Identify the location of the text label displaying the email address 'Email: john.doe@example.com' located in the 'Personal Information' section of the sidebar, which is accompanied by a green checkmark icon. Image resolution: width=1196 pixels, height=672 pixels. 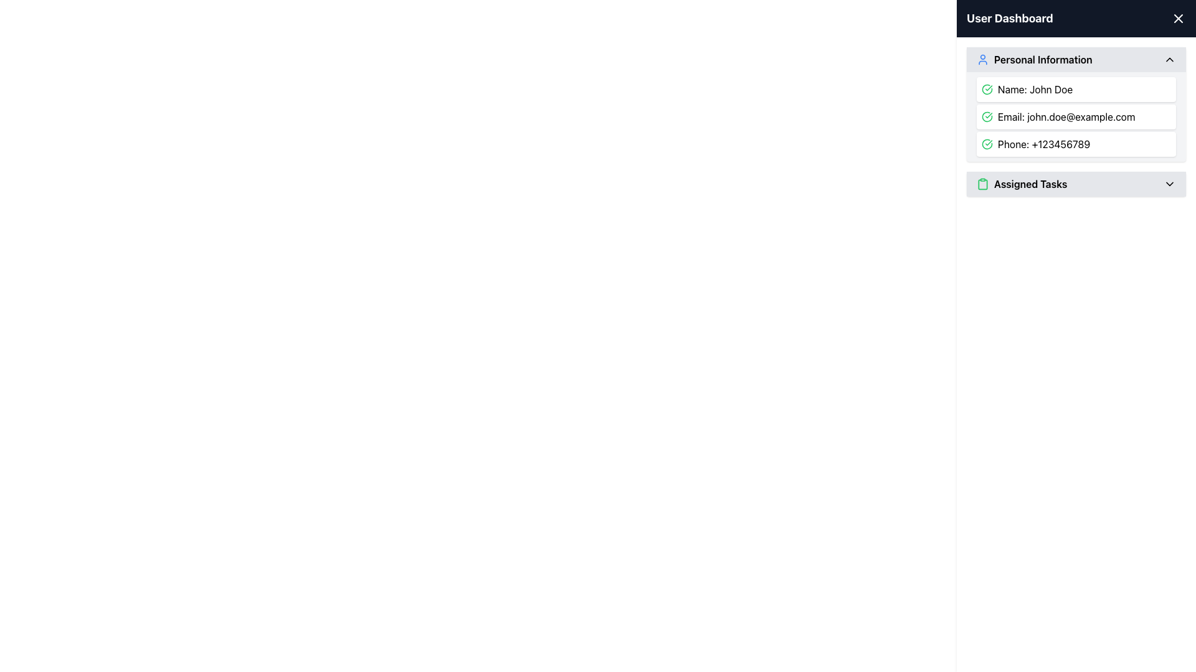
(1066, 117).